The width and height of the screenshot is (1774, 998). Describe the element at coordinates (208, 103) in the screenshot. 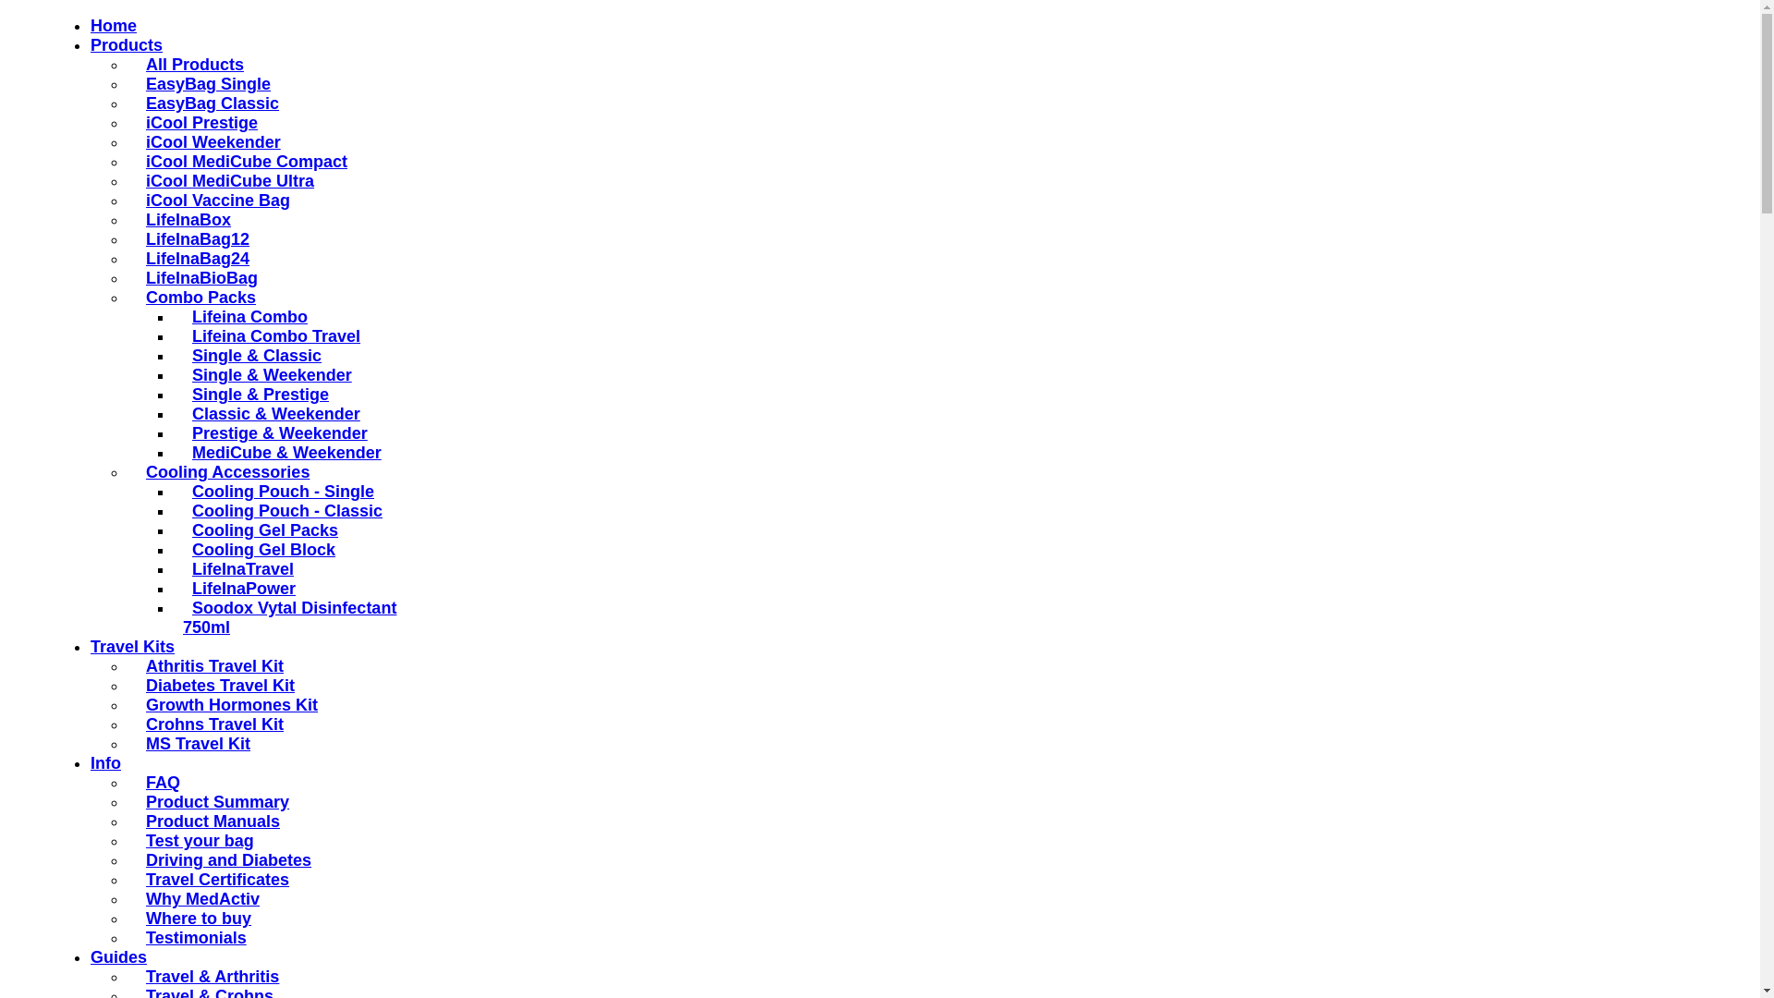

I see `'EasyBag Classic'` at that location.